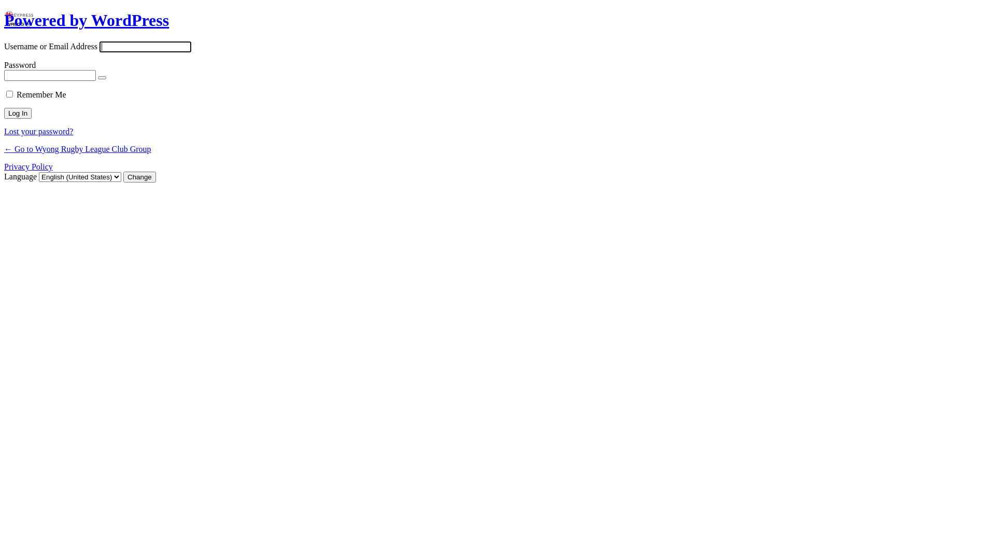 The width and height of the screenshot is (995, 560). What do you see at coordinates (123, 176) in the screenshot?
I see `'Change'` at bounding box center [123, 176].